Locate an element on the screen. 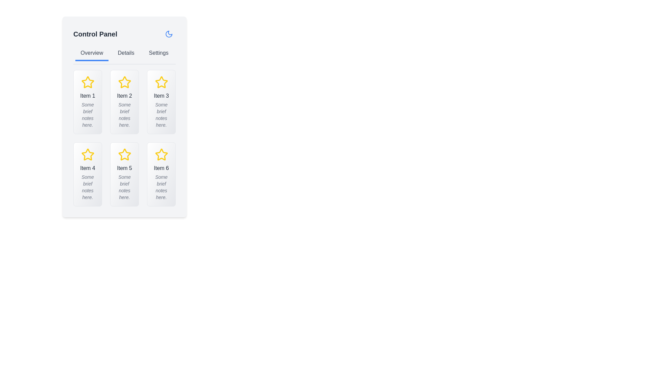  the crescent moon icon button in the top-right corner of the interface is located at coordinates (169, 34).